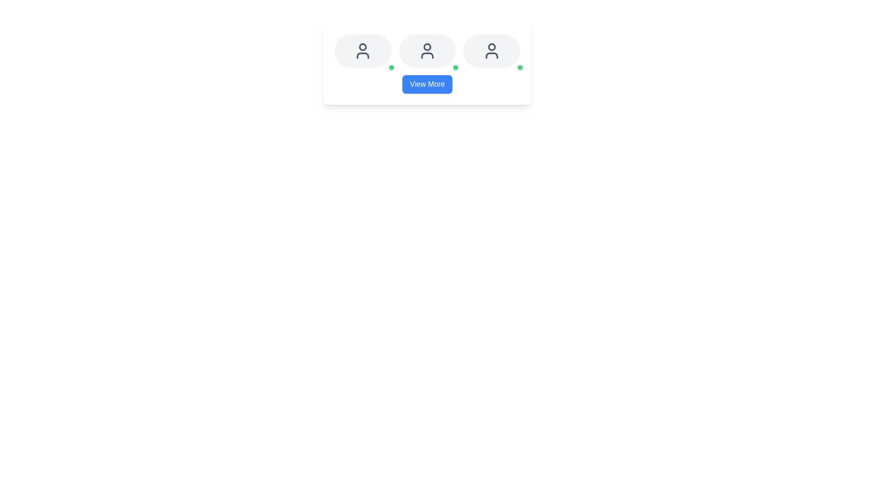 The height and width of the screenshot is (501, 891). I want to click on the blue button labeled 'View More' to observe its hover effects, so click(427, 84).